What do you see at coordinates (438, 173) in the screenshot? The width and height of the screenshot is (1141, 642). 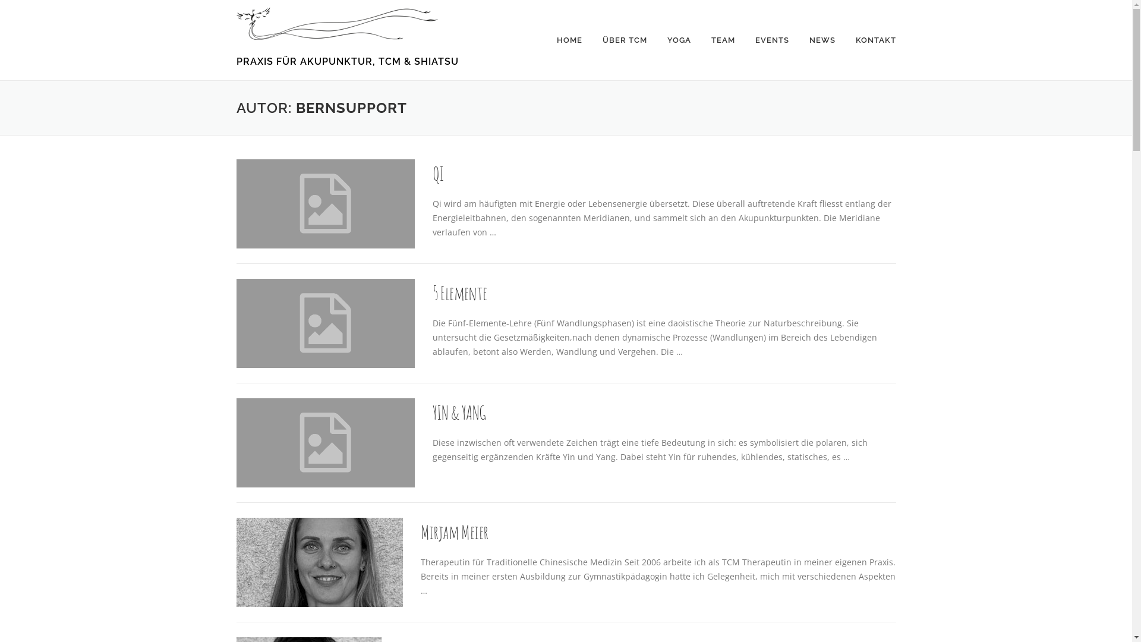 I see `'QI'` at bounding box center [438, 173].